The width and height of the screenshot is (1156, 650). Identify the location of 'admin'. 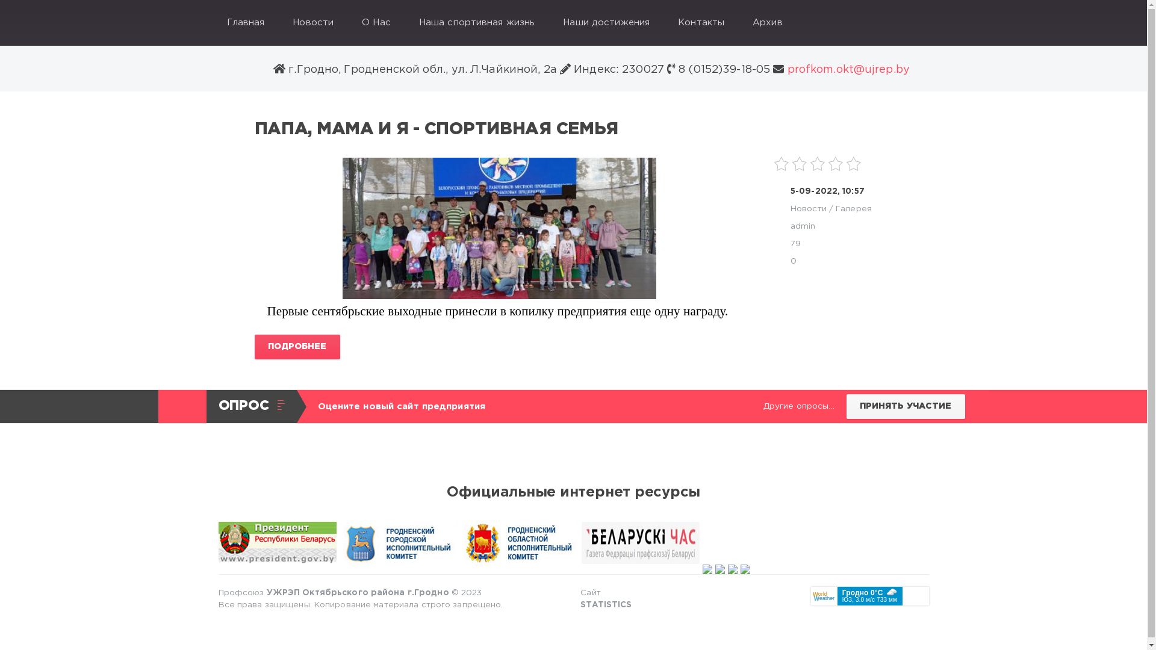
(803, 226).